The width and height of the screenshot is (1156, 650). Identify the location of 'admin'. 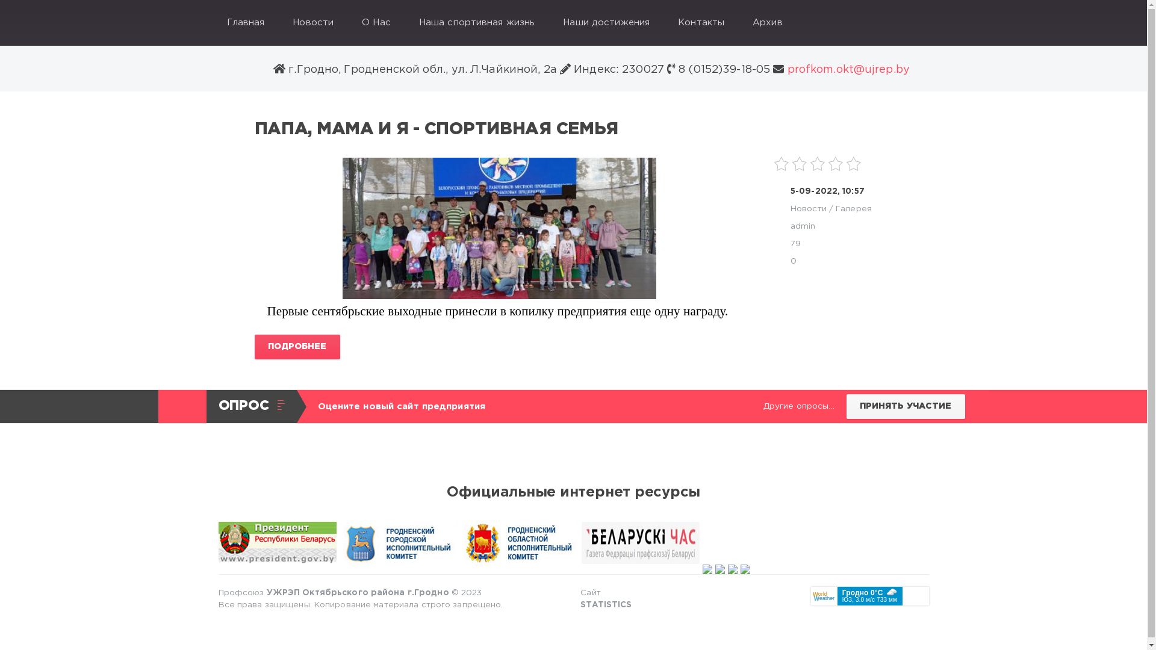
(803, 226).